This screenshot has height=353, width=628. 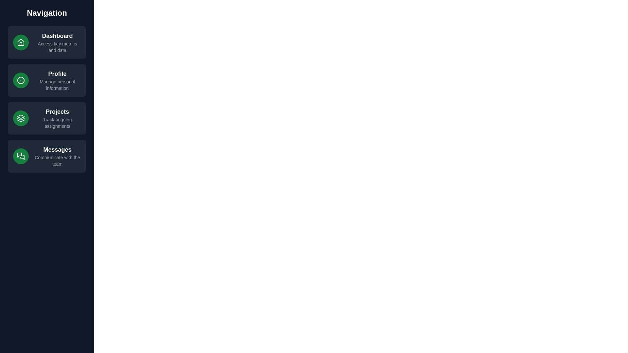 I want to click on the navigation item Projects to observe hover effects, so click(x=46, y=118).